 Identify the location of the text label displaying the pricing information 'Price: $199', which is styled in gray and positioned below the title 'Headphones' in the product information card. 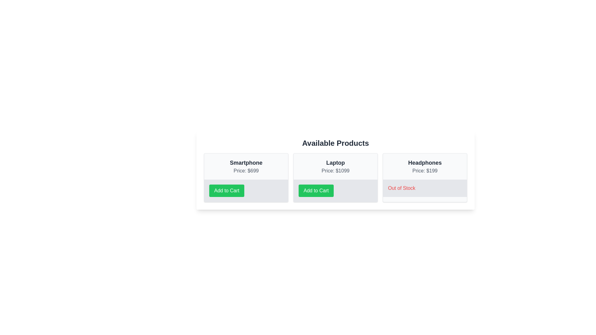
(424, 171).